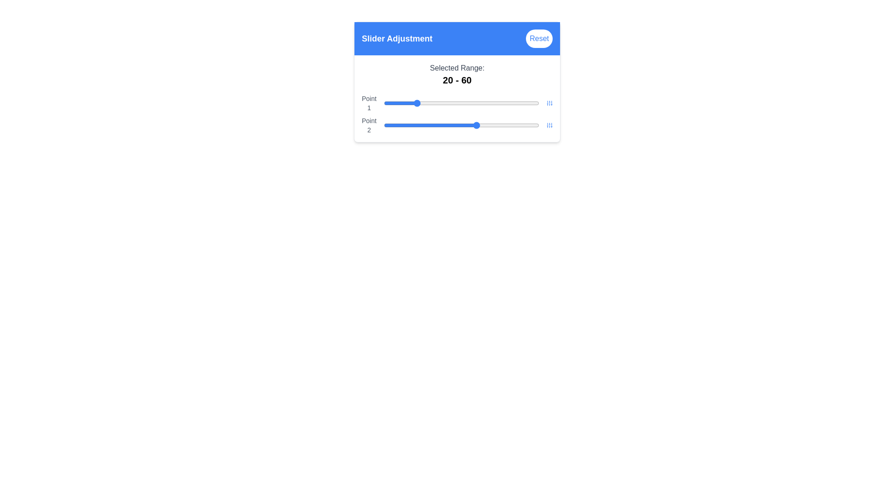 The image size is (885, 498). What do you see at coordinates (437, 125) in the screenshot?
I see `the slider` at bounding box center [437, 125].